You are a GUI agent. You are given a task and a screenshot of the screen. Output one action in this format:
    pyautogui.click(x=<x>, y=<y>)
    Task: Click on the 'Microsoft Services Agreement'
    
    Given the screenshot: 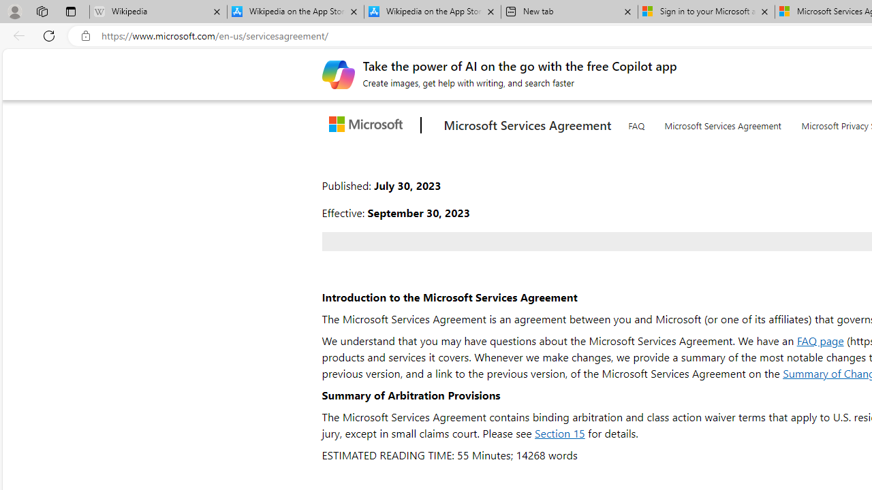 What is the action you would take?
    pyautogui.click(x=722, y=123)
    